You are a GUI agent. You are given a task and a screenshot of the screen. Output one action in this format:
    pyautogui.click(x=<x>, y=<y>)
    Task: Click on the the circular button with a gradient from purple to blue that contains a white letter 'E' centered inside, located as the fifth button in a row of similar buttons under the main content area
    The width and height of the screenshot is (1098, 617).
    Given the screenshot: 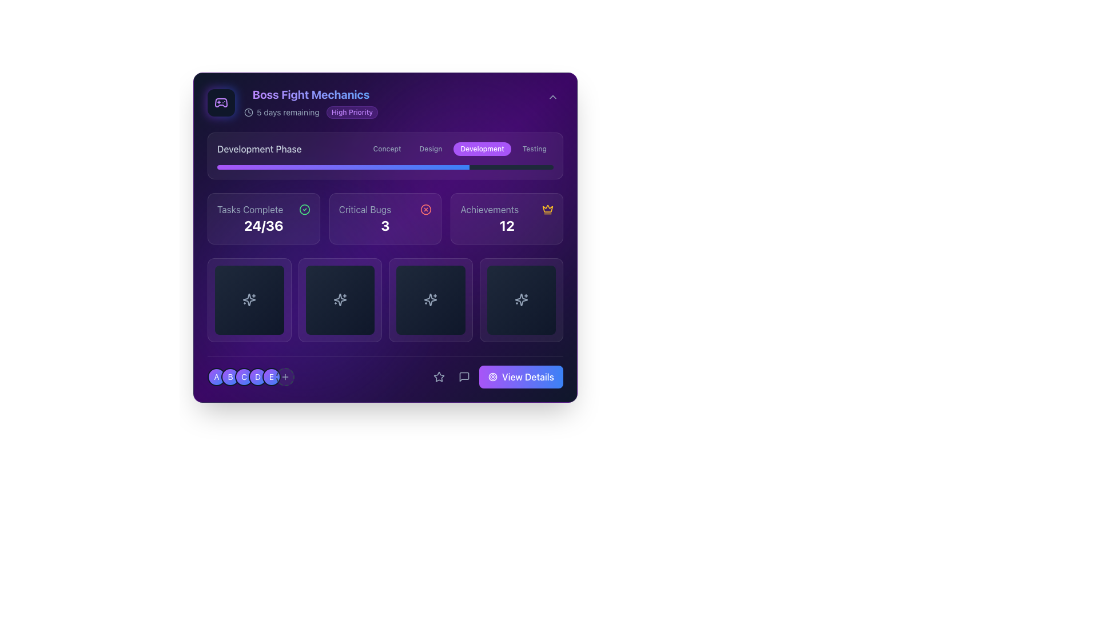 What is the action you would take?
    pyautogui.click(x=271, y=376)
    